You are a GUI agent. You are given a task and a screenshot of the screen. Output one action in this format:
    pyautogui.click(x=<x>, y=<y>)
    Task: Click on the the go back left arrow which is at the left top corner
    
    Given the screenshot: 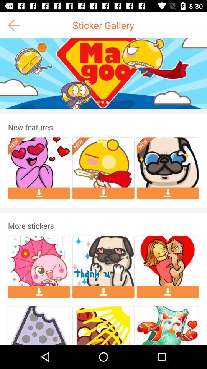 What is the action you would take?
    pyautogui.click(x=14, y=25)
    